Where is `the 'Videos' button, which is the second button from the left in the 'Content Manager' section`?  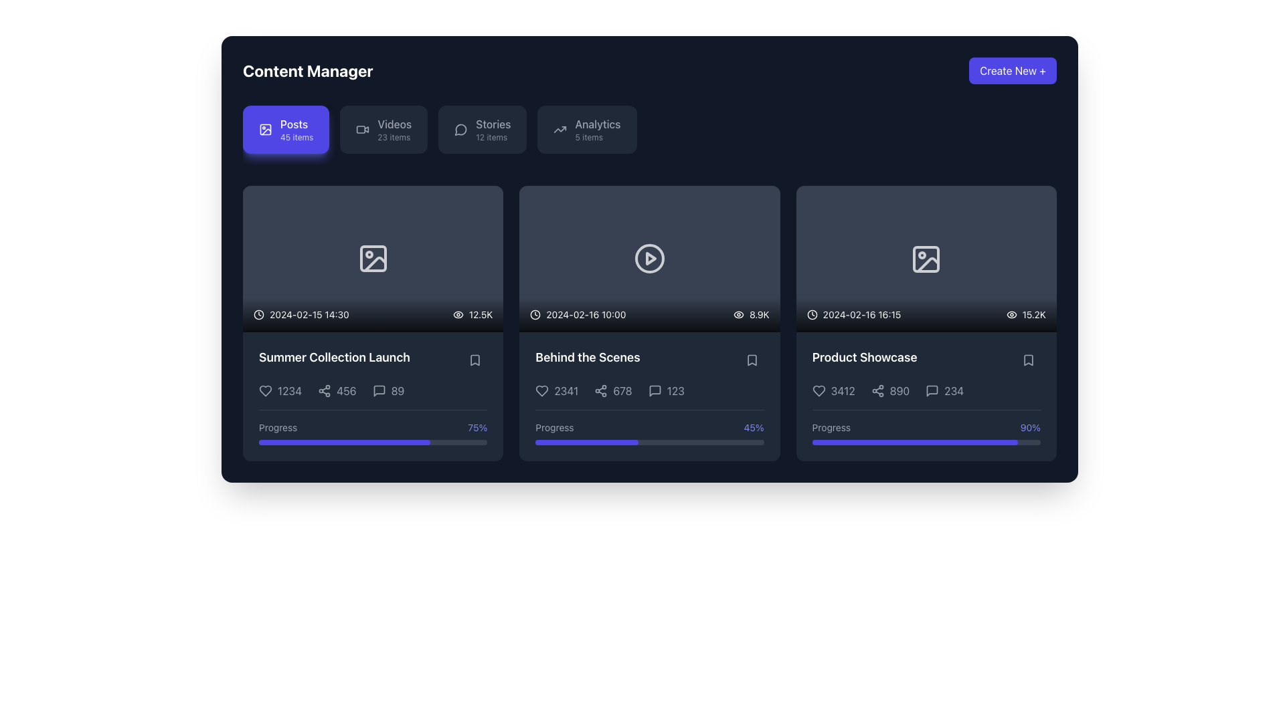
the 'Videos' button, which is the second button from the left in the 'Content Manager' section is located at coordinates (394, 129).